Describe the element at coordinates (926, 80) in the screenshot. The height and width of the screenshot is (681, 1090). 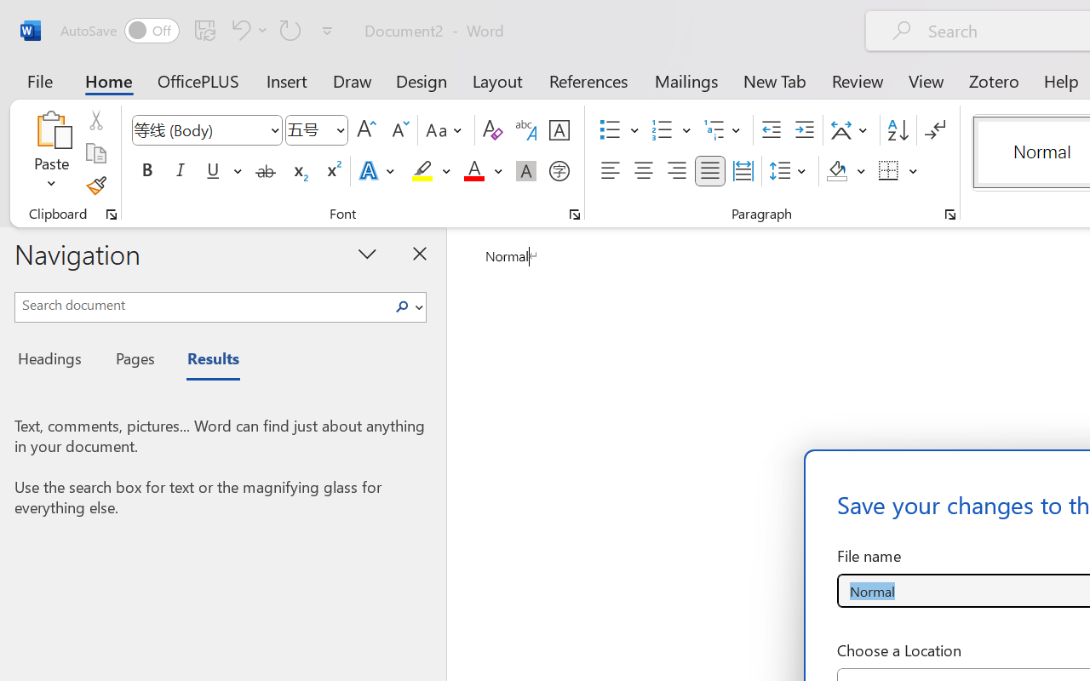
I see `'View'` at that location.